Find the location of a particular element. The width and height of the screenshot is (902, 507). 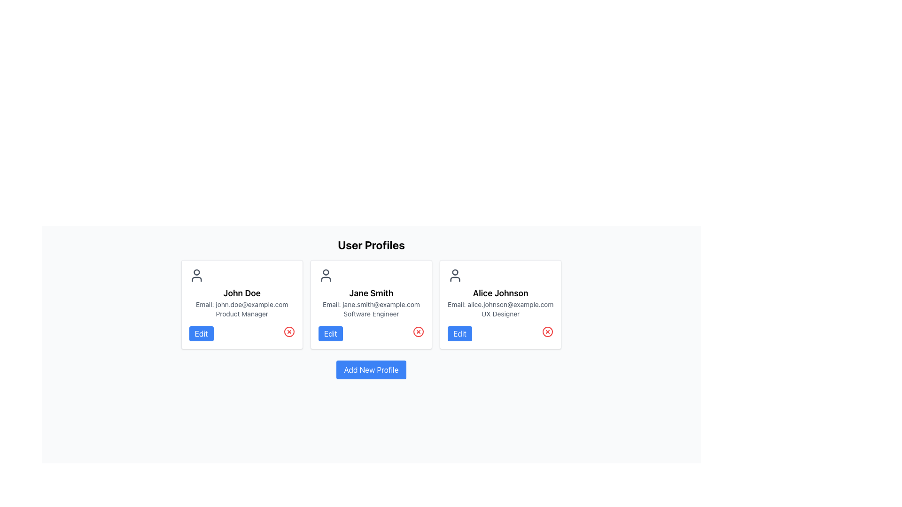

the lower part of the generic user icon in the first user profile card on the left is located at coordinates (196, 278).